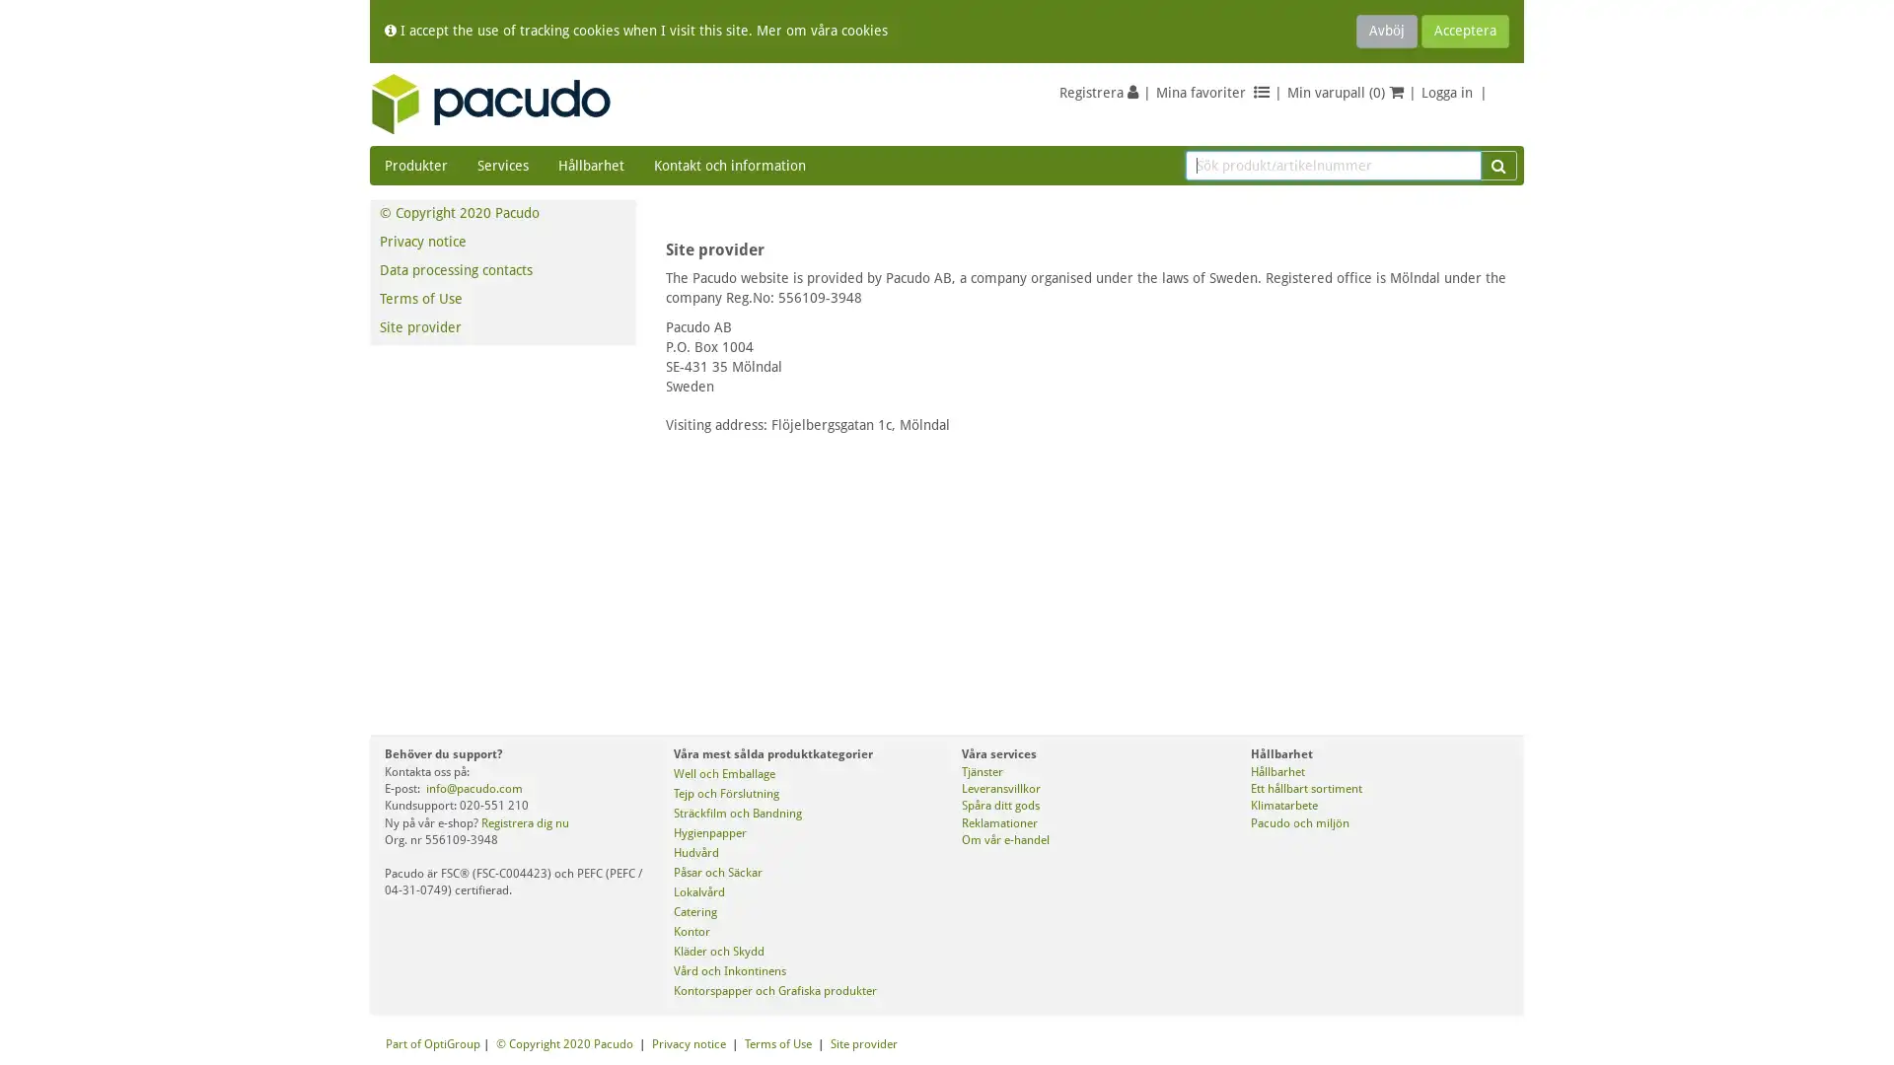 The image size is (1894, 1065). Describe the element at coordinates (1465, 31) in the screenshot. I see `Acceptera` at that location.